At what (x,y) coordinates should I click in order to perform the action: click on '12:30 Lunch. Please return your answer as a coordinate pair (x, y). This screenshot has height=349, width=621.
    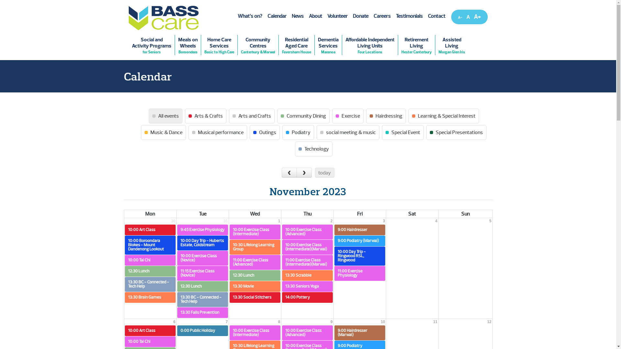
    Looking at the image, I should click on (125, 271).